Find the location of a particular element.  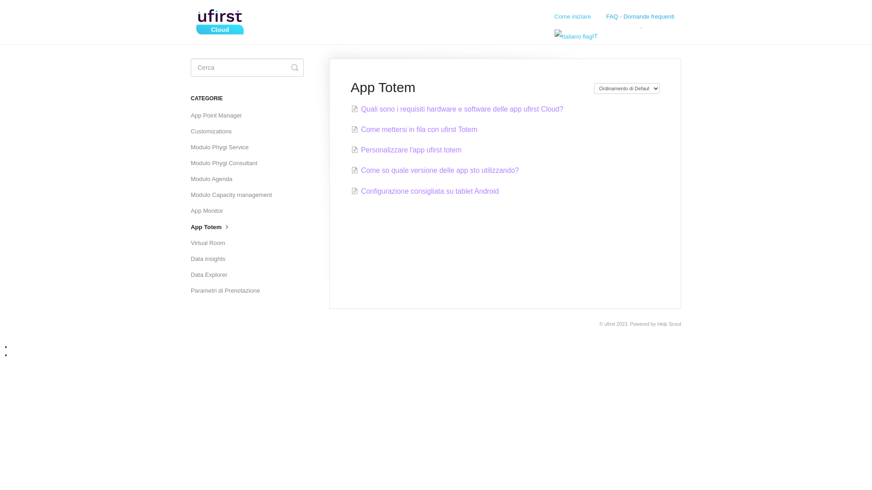

'App Monitor' is located at coordinates (209, 211).